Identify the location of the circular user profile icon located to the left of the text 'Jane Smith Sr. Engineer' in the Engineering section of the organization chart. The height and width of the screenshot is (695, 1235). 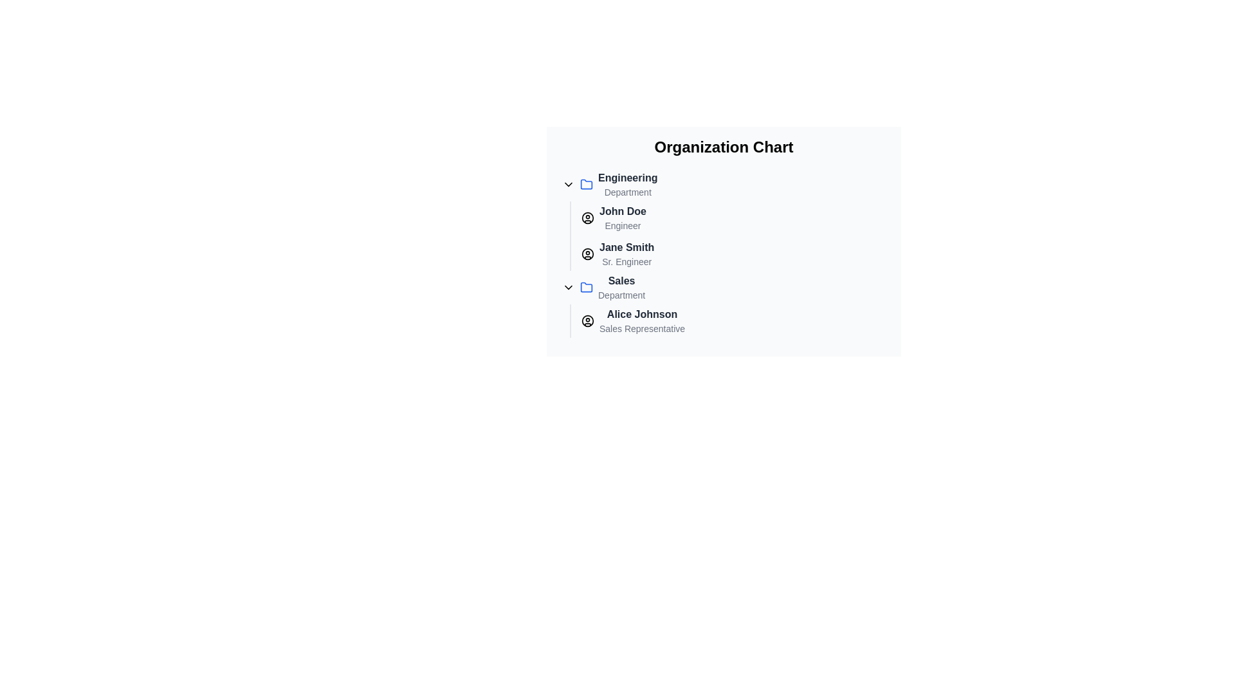
(587, 254).